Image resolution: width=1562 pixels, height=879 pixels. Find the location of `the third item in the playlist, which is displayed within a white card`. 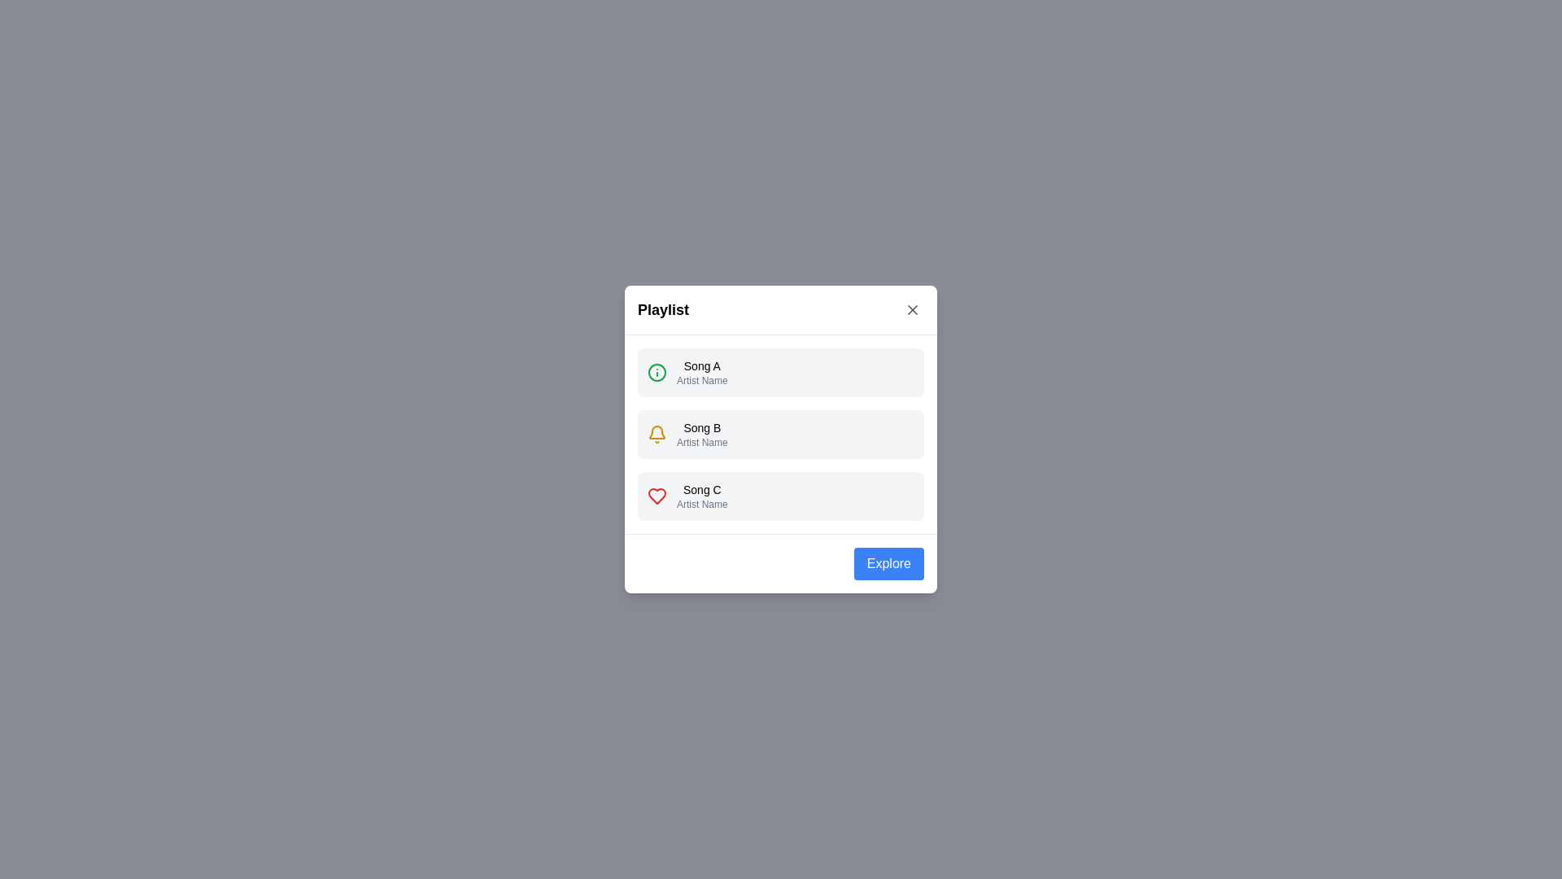

the third item in the playlist, which is displayed within a white card is located at coordinates (781, 495).